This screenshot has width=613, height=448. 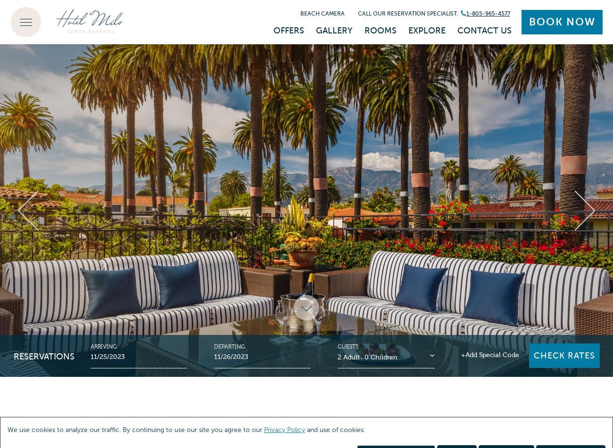 What do you see at coordinates (322, 13) in the screenshot?
I see `'Beach Camera'` at bounding box center [322, 13].